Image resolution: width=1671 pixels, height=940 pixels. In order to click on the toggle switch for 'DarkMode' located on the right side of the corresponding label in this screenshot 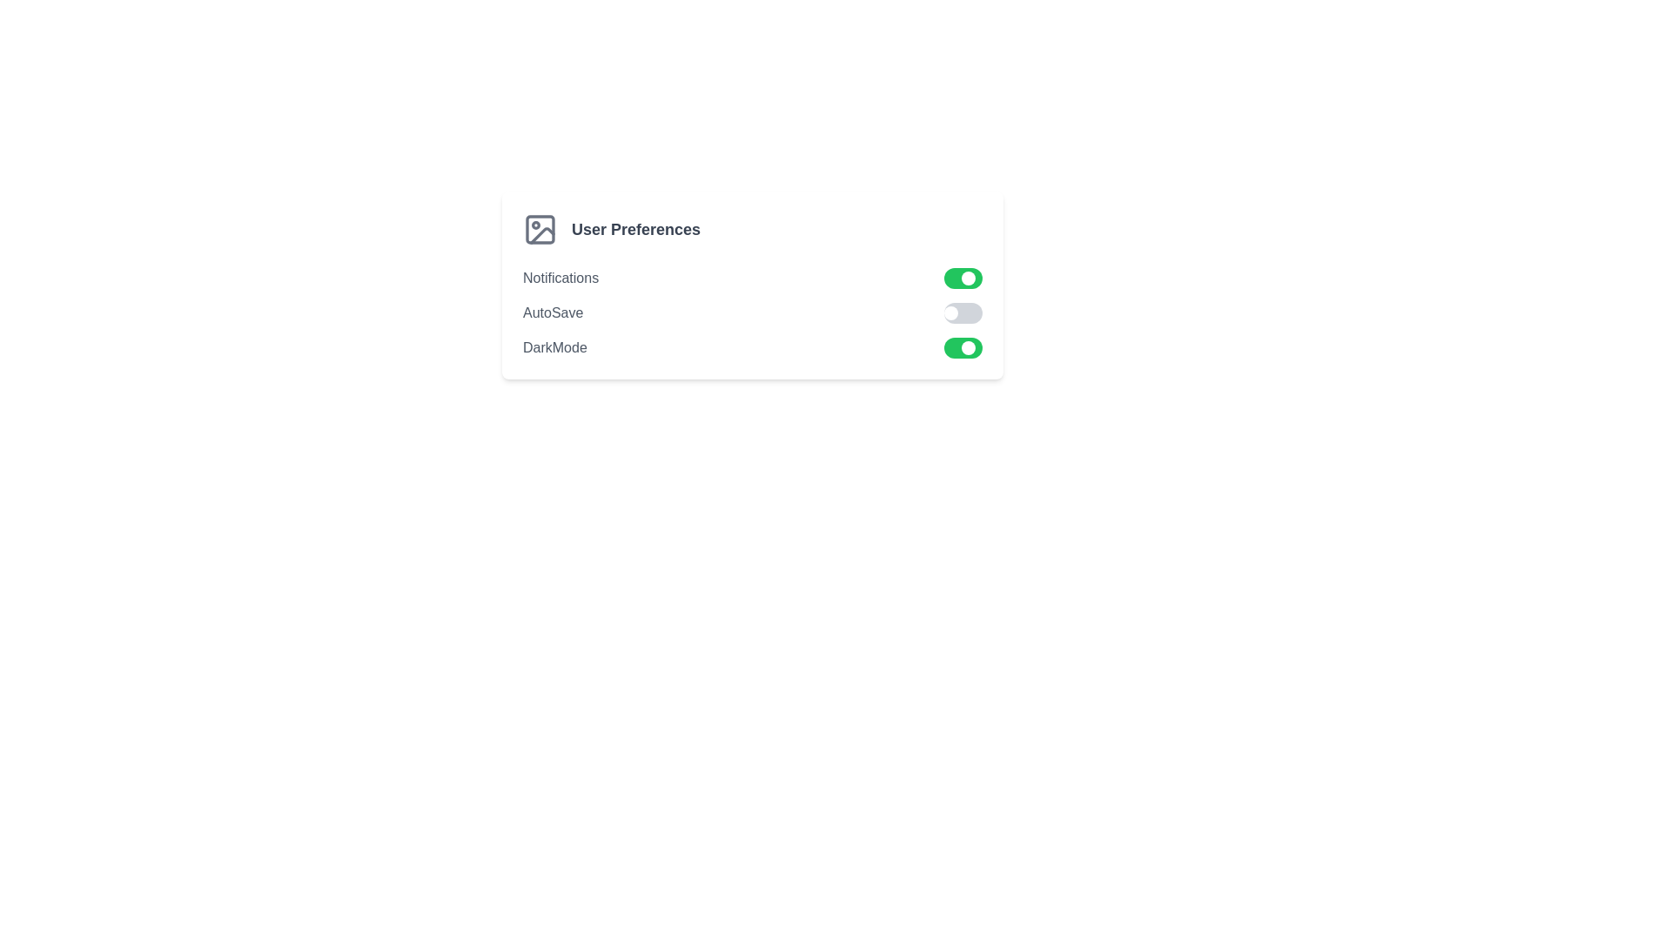, I will do `click(963, 348)`.